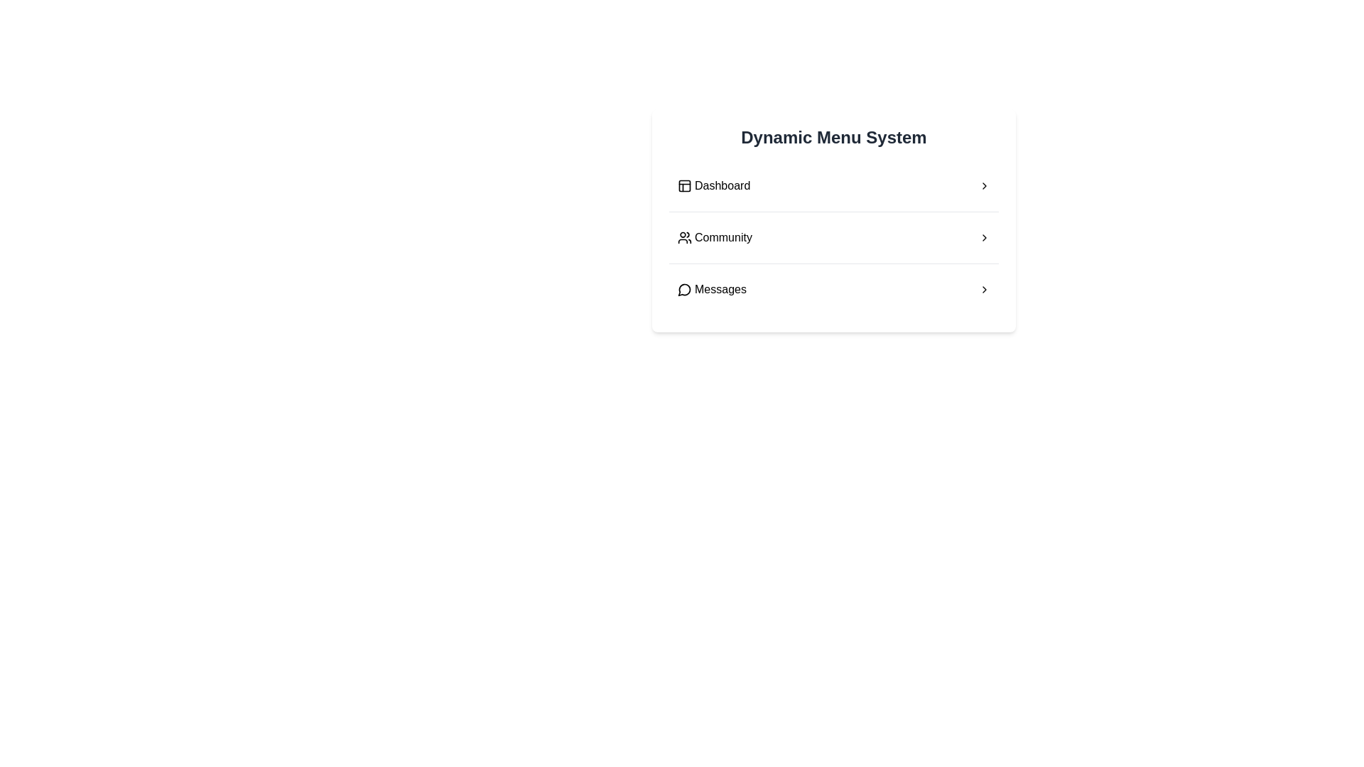  Describe the element at coordinates (984, 289) in the screenshot. I see `the icon on the rightmost side of the 'Messages' row` at that location.